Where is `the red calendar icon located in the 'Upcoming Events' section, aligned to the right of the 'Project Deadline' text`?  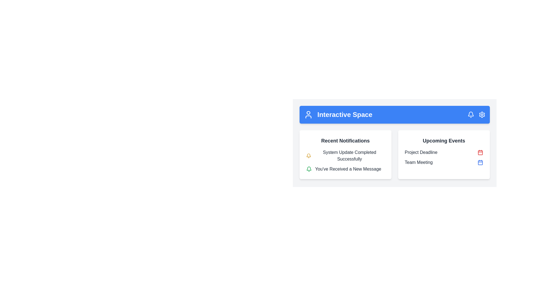 the red calendar icon located in the 'Upcoming Events' section, aligned to the right of the 'Project Deadline' text is located at coordinates (480, 152).